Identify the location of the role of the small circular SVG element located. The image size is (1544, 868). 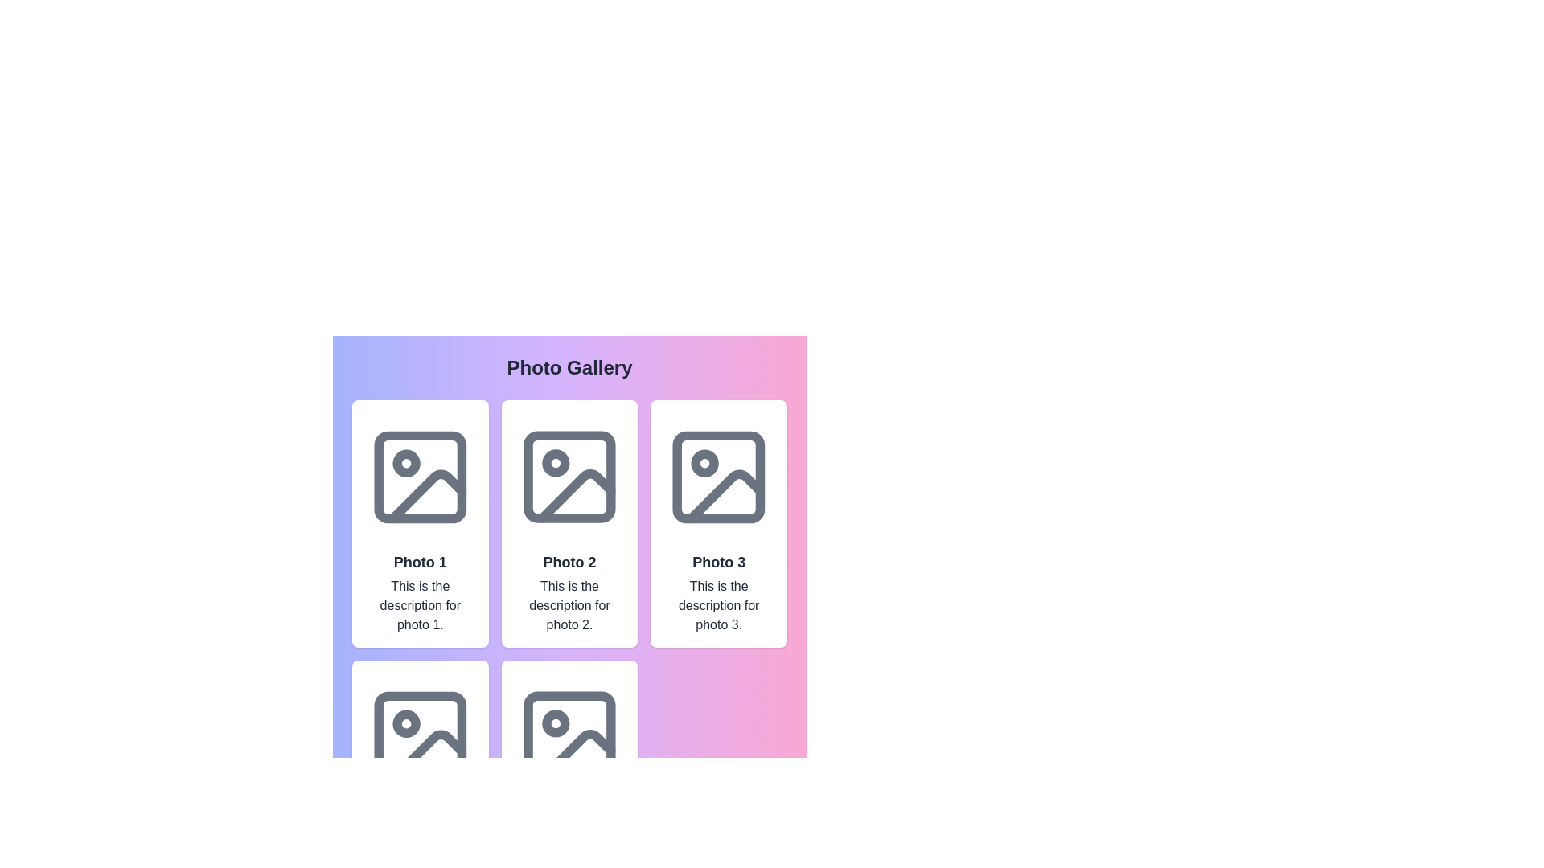
(705, 463).